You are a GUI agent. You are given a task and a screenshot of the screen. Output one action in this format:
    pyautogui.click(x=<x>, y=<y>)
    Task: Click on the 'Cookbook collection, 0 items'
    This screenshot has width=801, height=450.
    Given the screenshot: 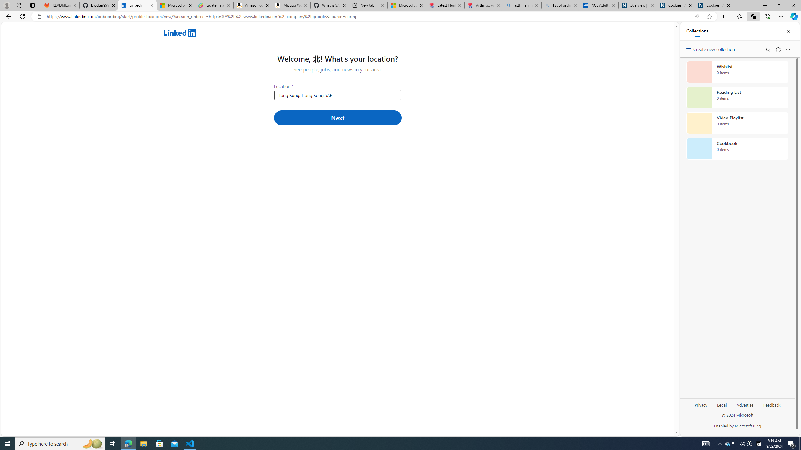 What is the action you would take?
    pyautogui.click(x=737, y=148)
    